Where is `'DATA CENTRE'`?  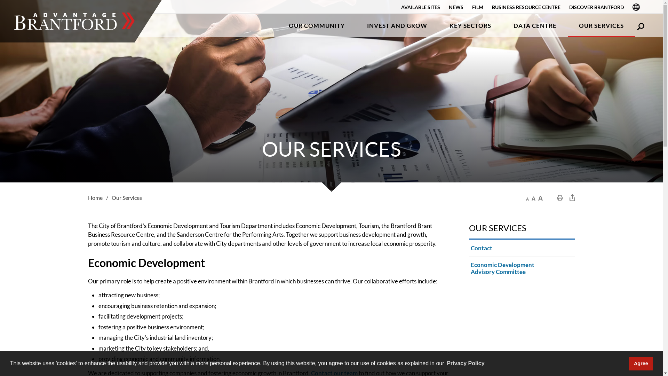
'DATA CENTRE' is located at coordinates (534, 25).